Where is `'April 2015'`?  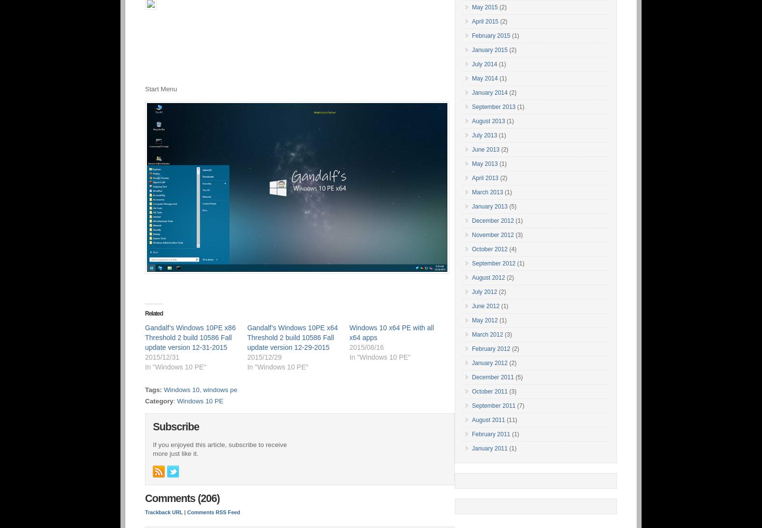
'April 2015' is located at coordinates (485, 21).